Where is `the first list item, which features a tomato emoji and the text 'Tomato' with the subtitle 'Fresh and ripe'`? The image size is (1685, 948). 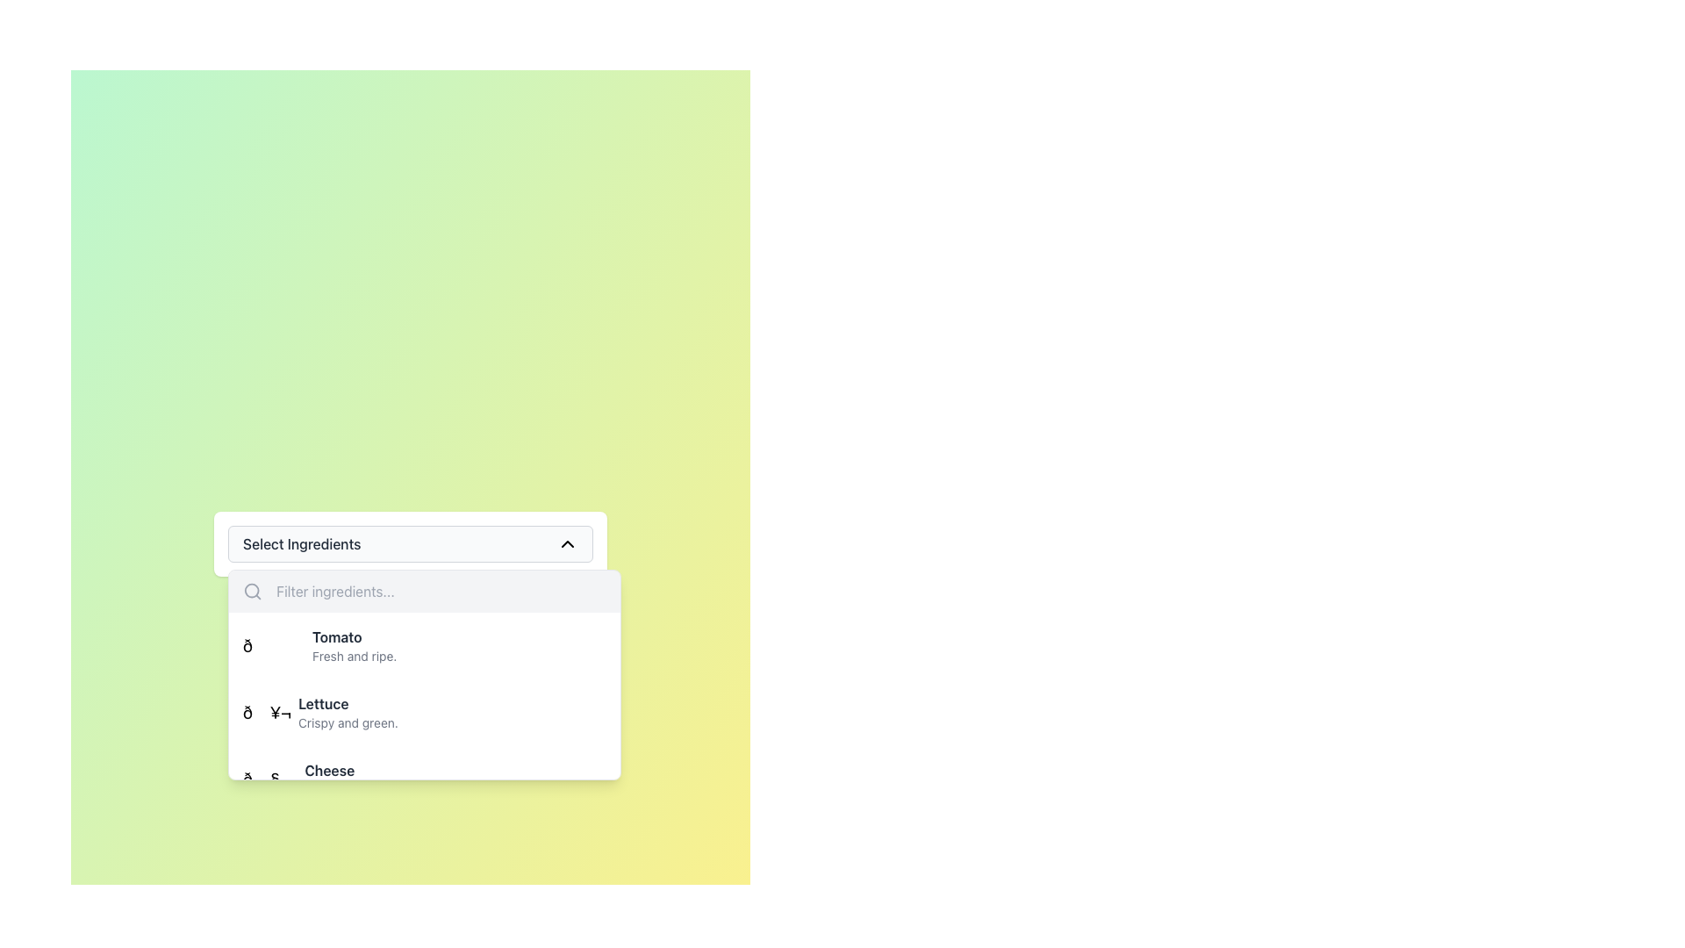
the first list item, which features a tomato emoji and the text 'Tomato' with the subtitle 'Fresh and ripe' is located at coordinates (319, 646).